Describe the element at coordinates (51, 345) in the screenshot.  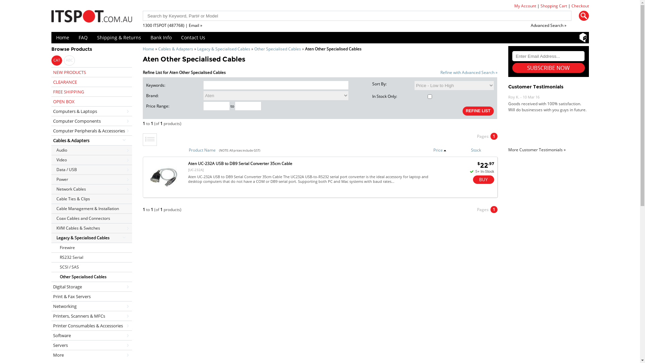
I see `'Servers'` at that location.